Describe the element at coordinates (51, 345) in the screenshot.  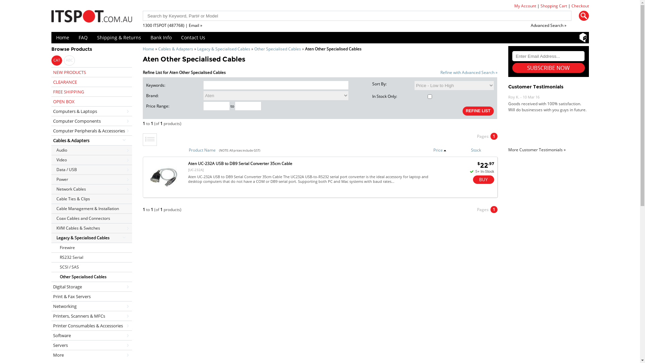
I see `'Servers'` at that location.